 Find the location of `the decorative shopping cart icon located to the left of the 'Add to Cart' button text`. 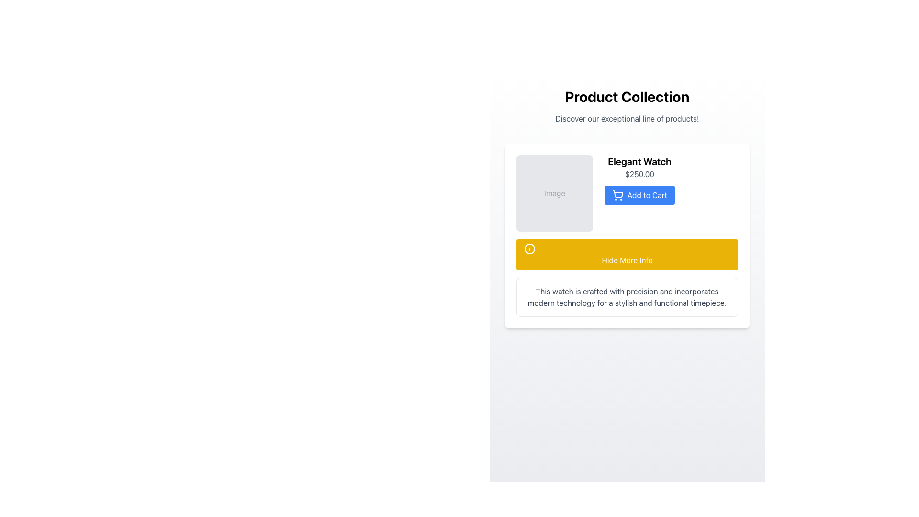

the decorative shopping cart icon located to the left of the 'Add to Cart' button text is located at coordinates (618, 194).